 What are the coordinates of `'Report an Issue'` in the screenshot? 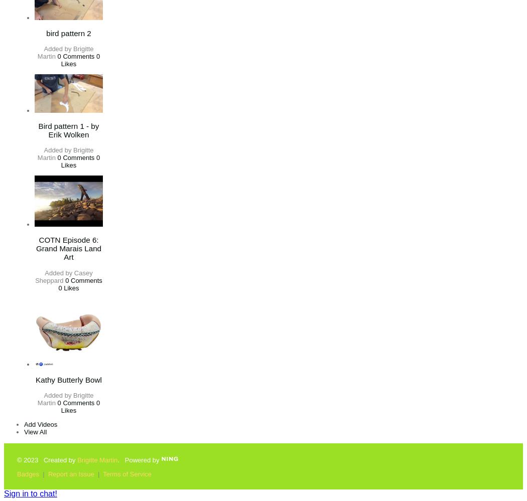 It's located at (70, 473).